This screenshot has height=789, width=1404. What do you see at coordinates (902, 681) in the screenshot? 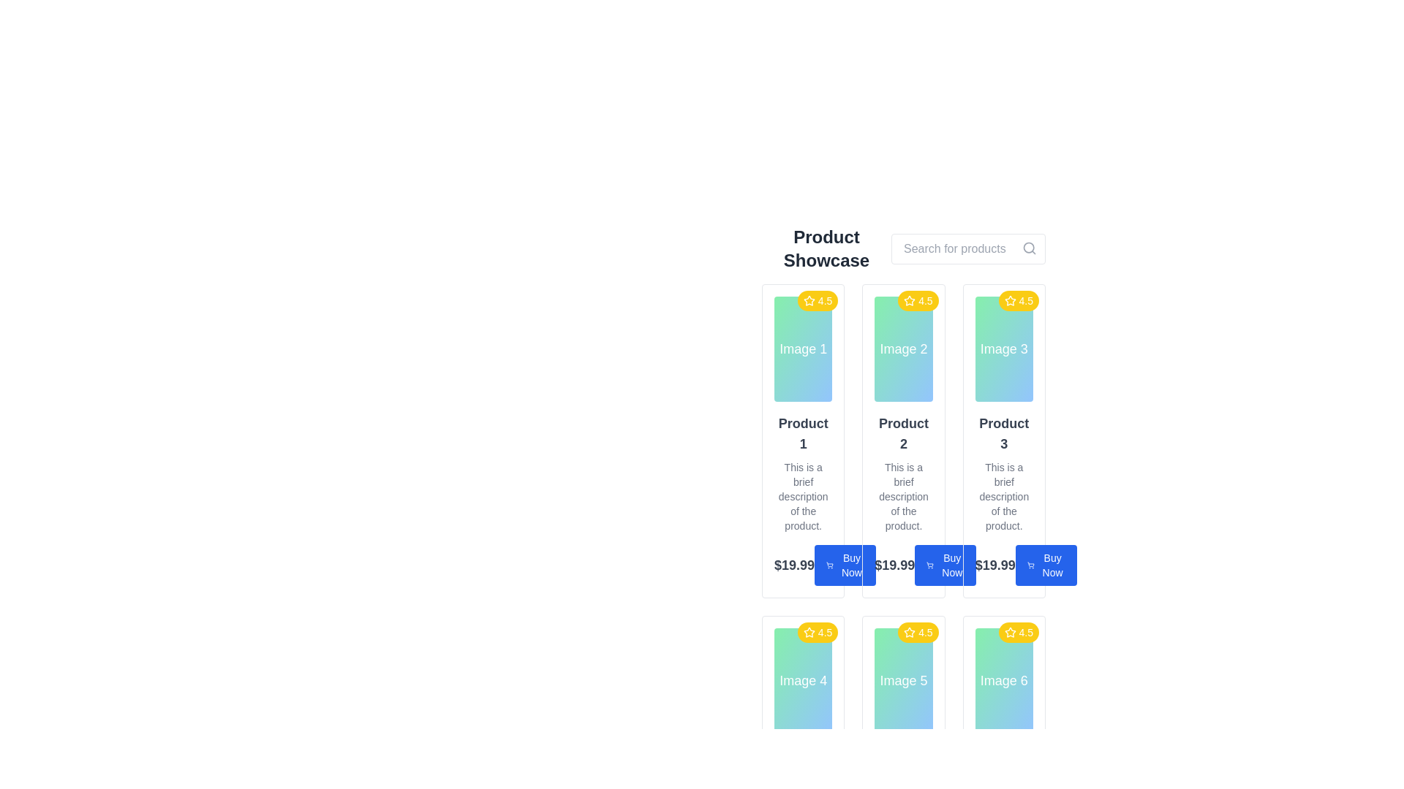
I see `the text label located in the middle column of the second row of card elements to enhance accessibility` at bounding box center [902, 681].